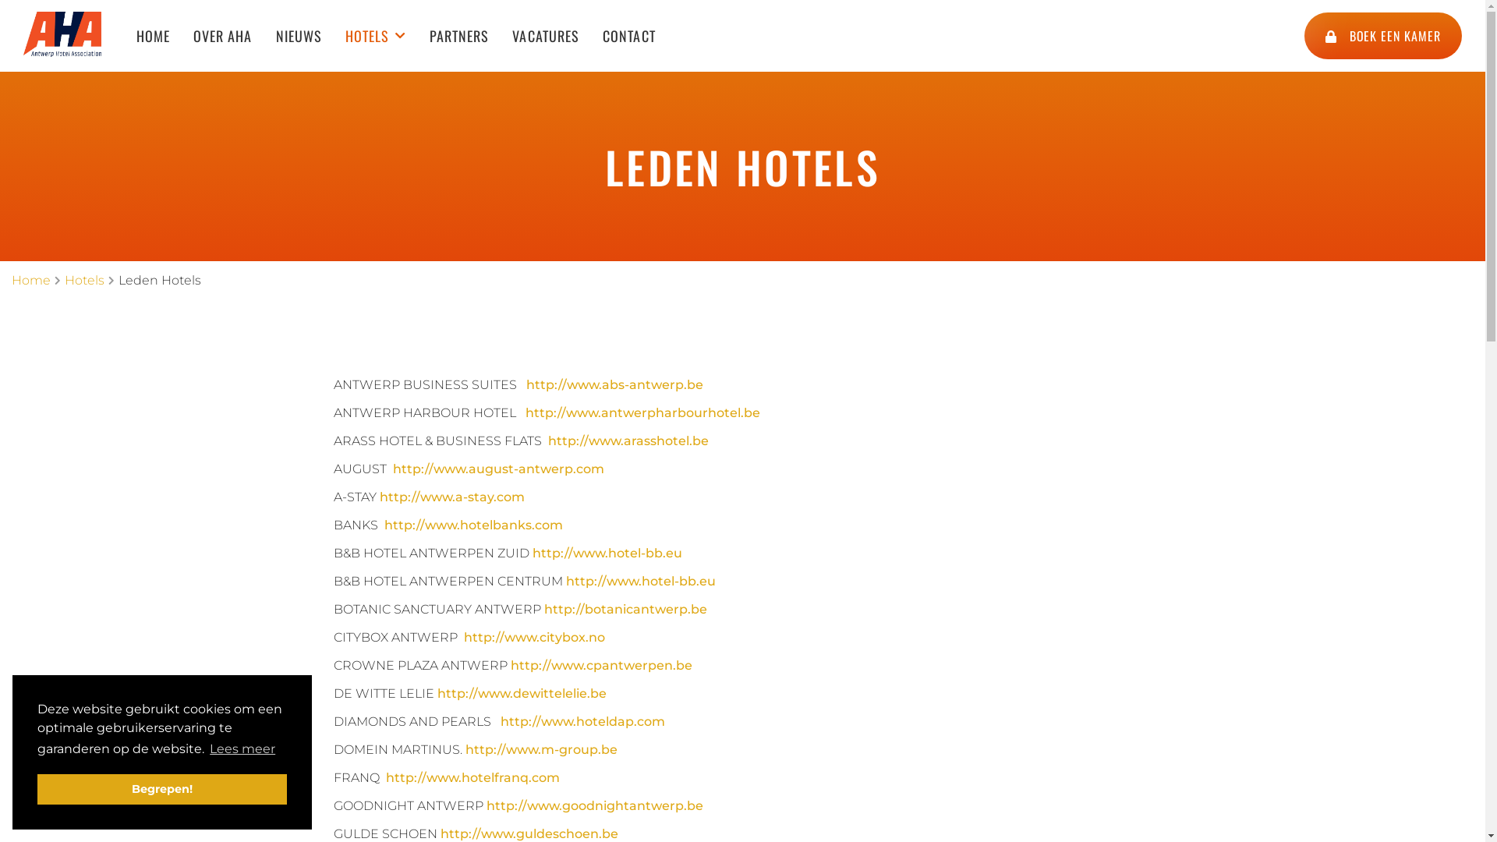  What do you see at coordinates (472, 525) in the screenshot?
I see `'http://www.hotelbanks.com'` at bounding box center [472, 525].